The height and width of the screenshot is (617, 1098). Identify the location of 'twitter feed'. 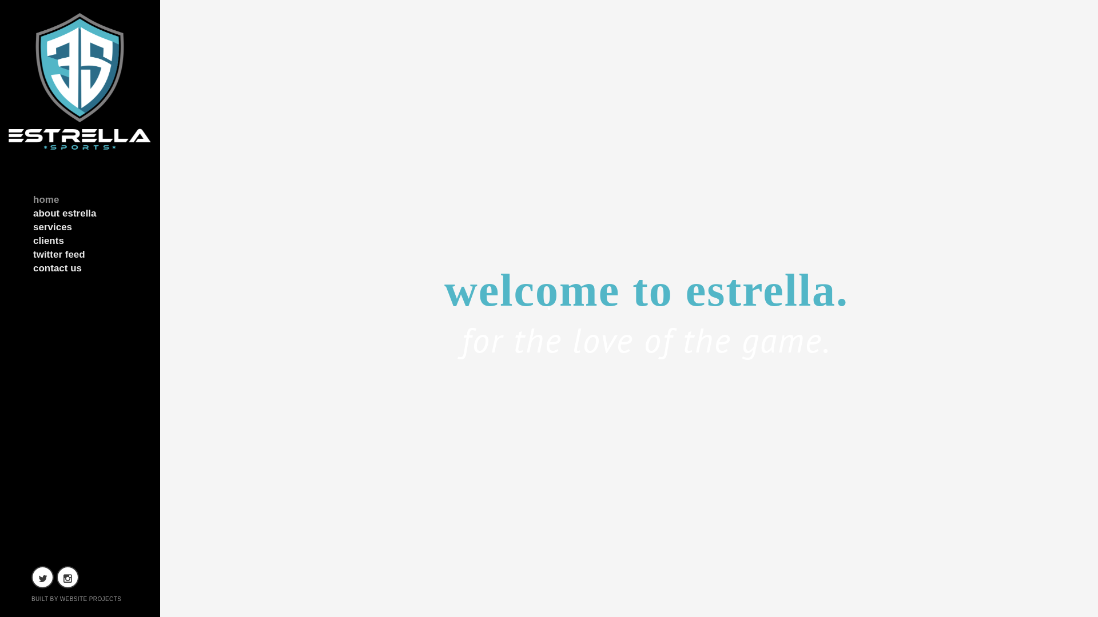
(80, 257).